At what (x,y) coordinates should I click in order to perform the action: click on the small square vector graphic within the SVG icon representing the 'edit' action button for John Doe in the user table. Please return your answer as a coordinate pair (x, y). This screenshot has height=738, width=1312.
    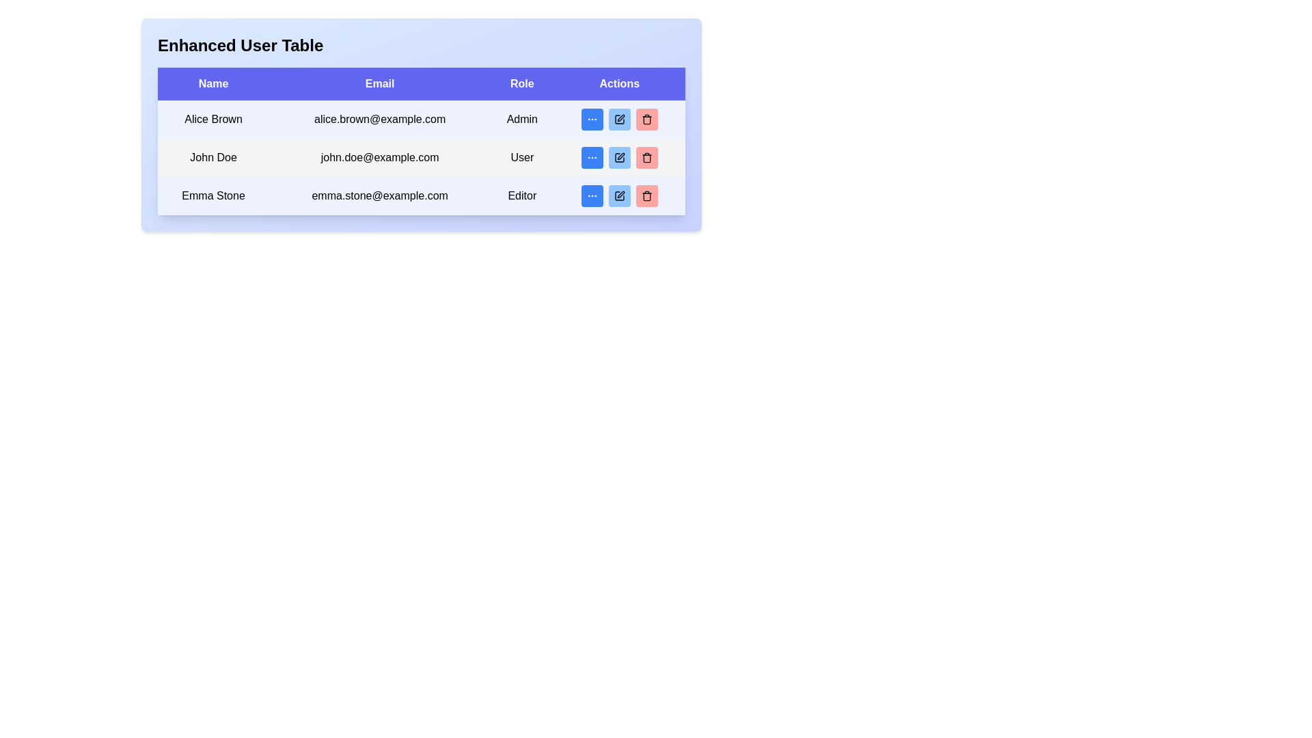
    Looking at the image, I should click on (618, 118).